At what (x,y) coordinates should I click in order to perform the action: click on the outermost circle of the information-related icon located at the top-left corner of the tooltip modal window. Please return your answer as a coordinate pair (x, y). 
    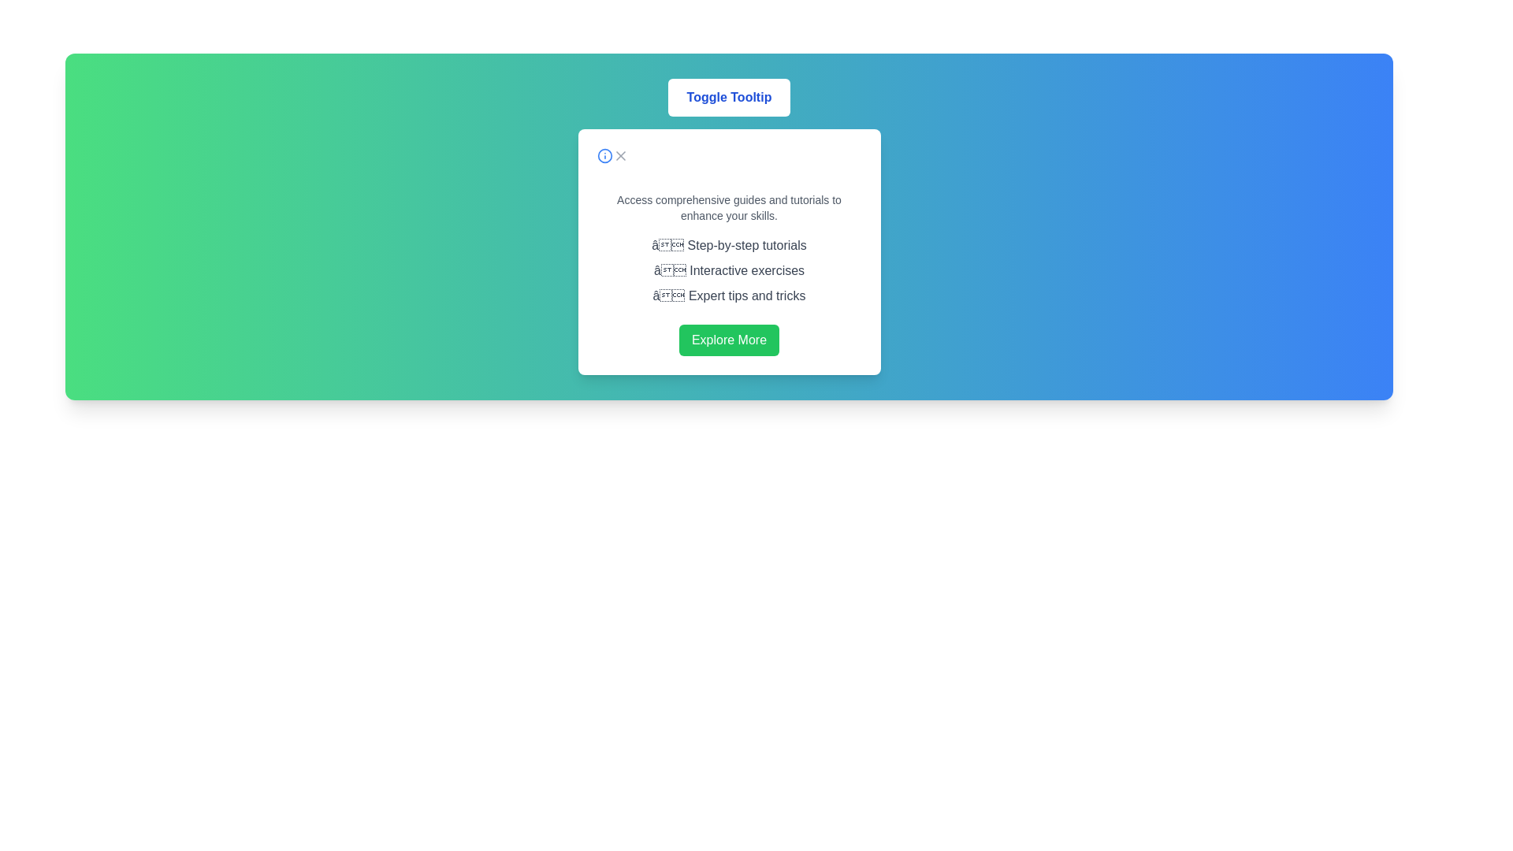
    Looking at the image, I should click on (604, 155).